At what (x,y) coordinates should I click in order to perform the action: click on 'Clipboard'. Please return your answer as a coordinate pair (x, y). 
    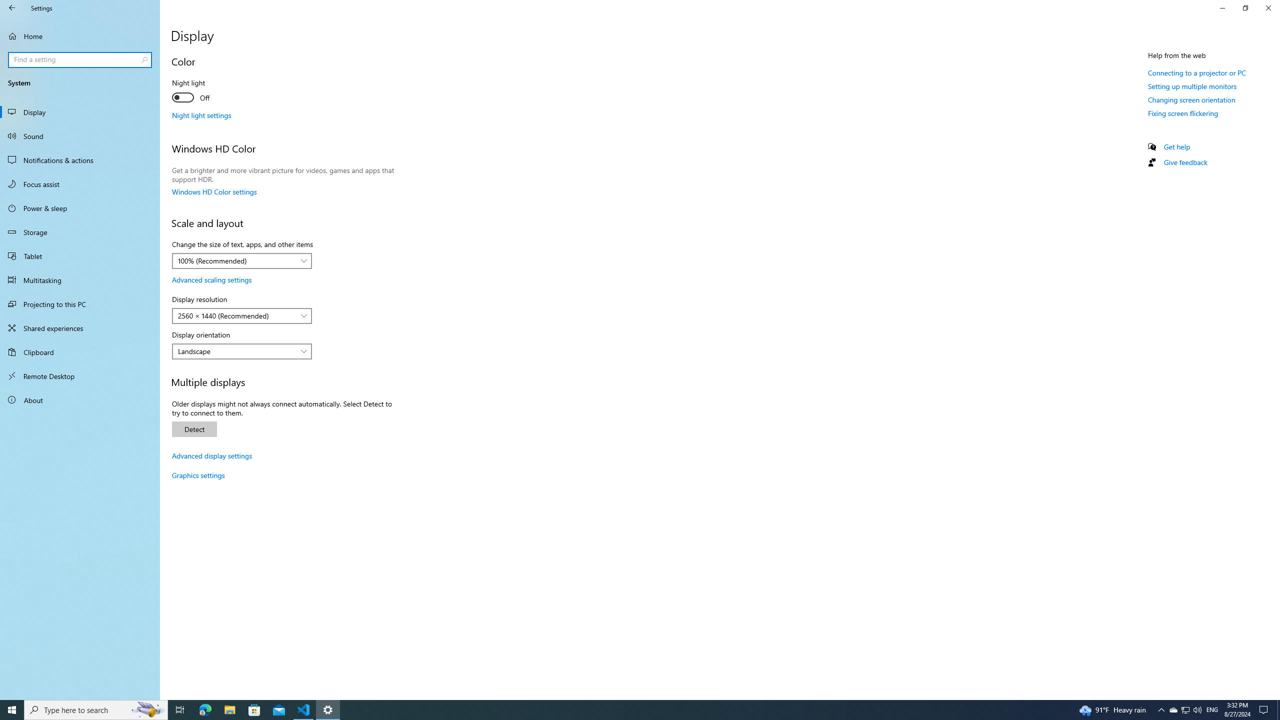
    Looking at the image, I should click on (79, 352).